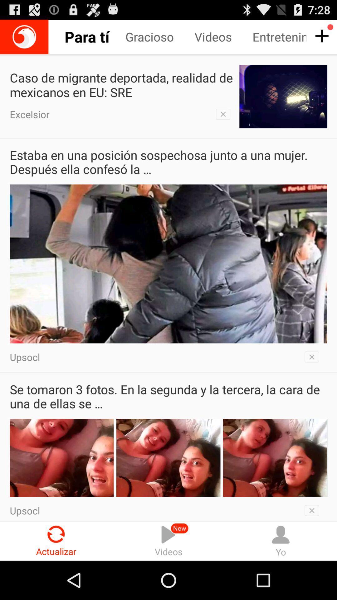  What do you see at coordinates (159, 37) in the screenshot?
I see `gracioso item` at bounding box center [159, 37].